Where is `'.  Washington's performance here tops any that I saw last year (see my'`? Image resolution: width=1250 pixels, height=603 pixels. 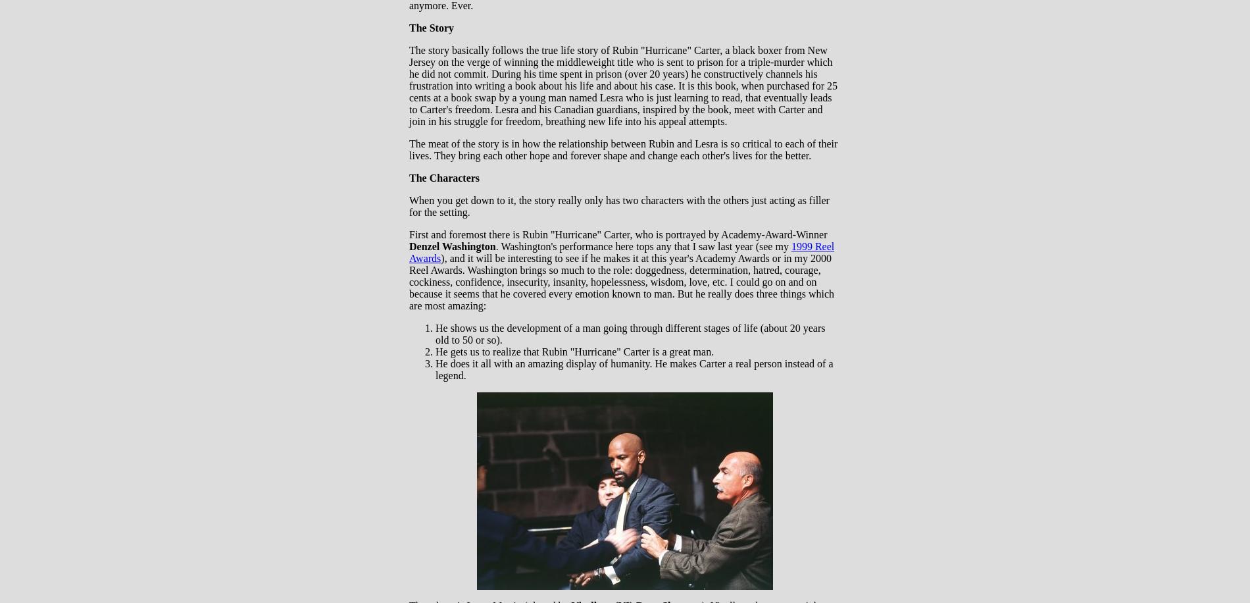
'.  Washington's performance here tops any that I saw last year (see my' is located at coordinates (643, 246).